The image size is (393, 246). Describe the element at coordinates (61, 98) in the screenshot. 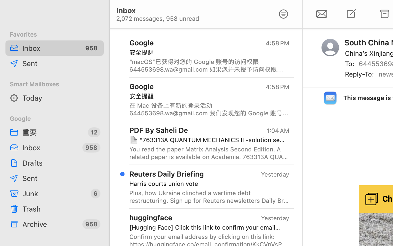

I see `'Today'` at that location.